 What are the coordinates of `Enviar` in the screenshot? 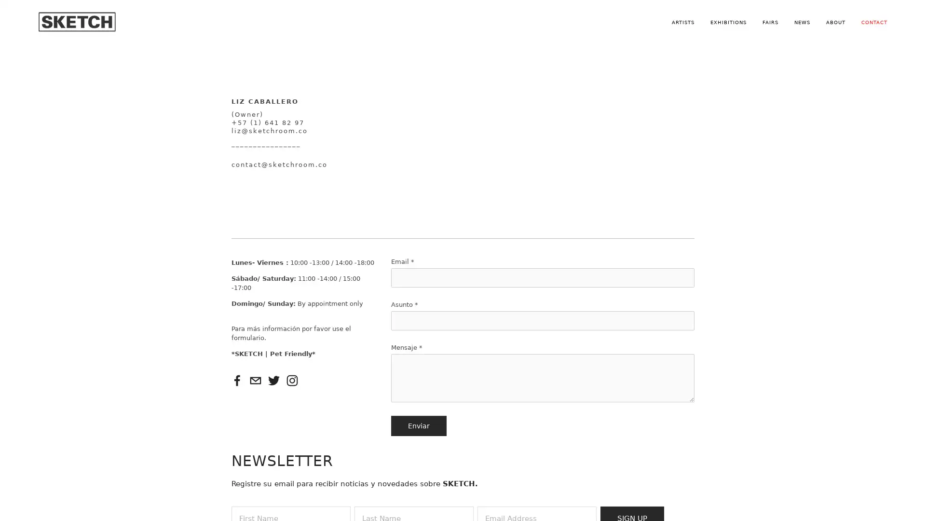 It's located at (419, 425).